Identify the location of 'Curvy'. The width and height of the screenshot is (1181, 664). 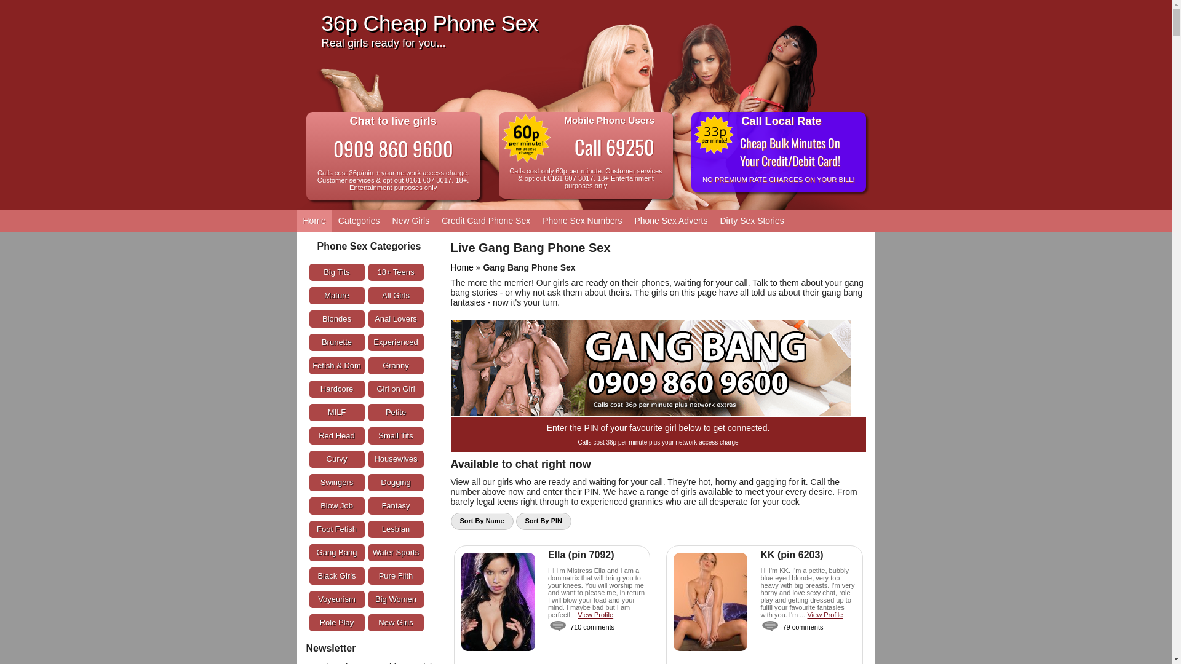
(336, 459).